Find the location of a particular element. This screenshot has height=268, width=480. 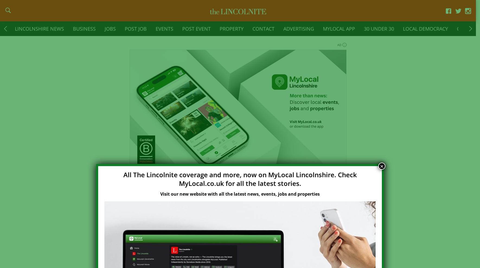

'30 Under 30' is located at coordinates (379, 31).